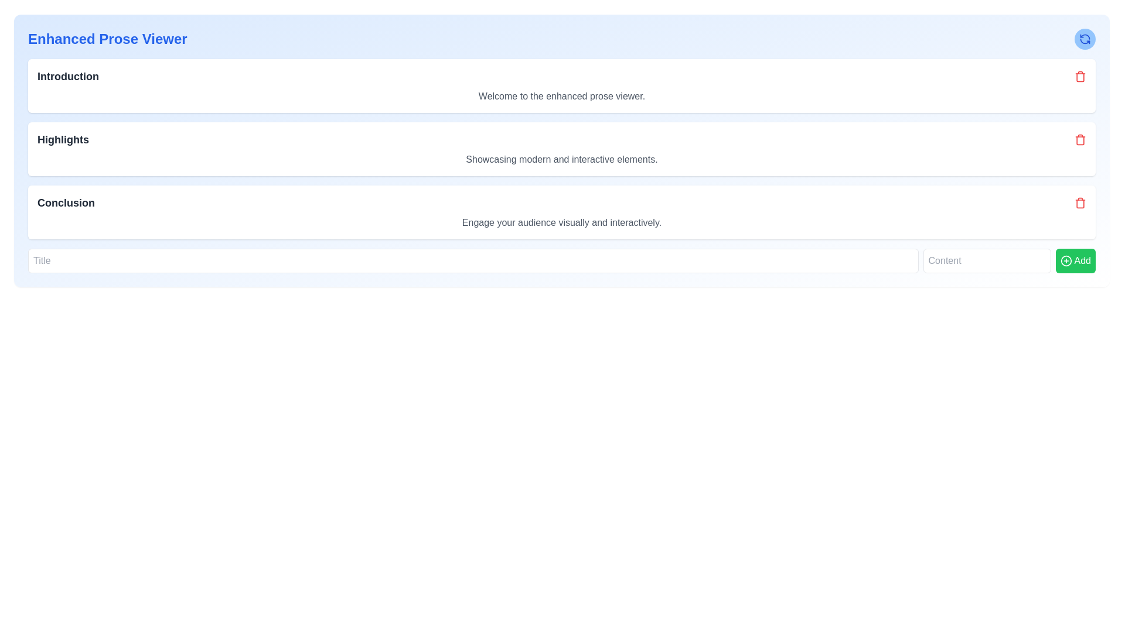 This screenshot has height=632, width=1125. Describe the element at coordinates (1085, 38) in the screenshot. I see `the refresh icon located in the top-right corner of the interface, which is styled in a circular motion and has a blue color scheme` at that location.